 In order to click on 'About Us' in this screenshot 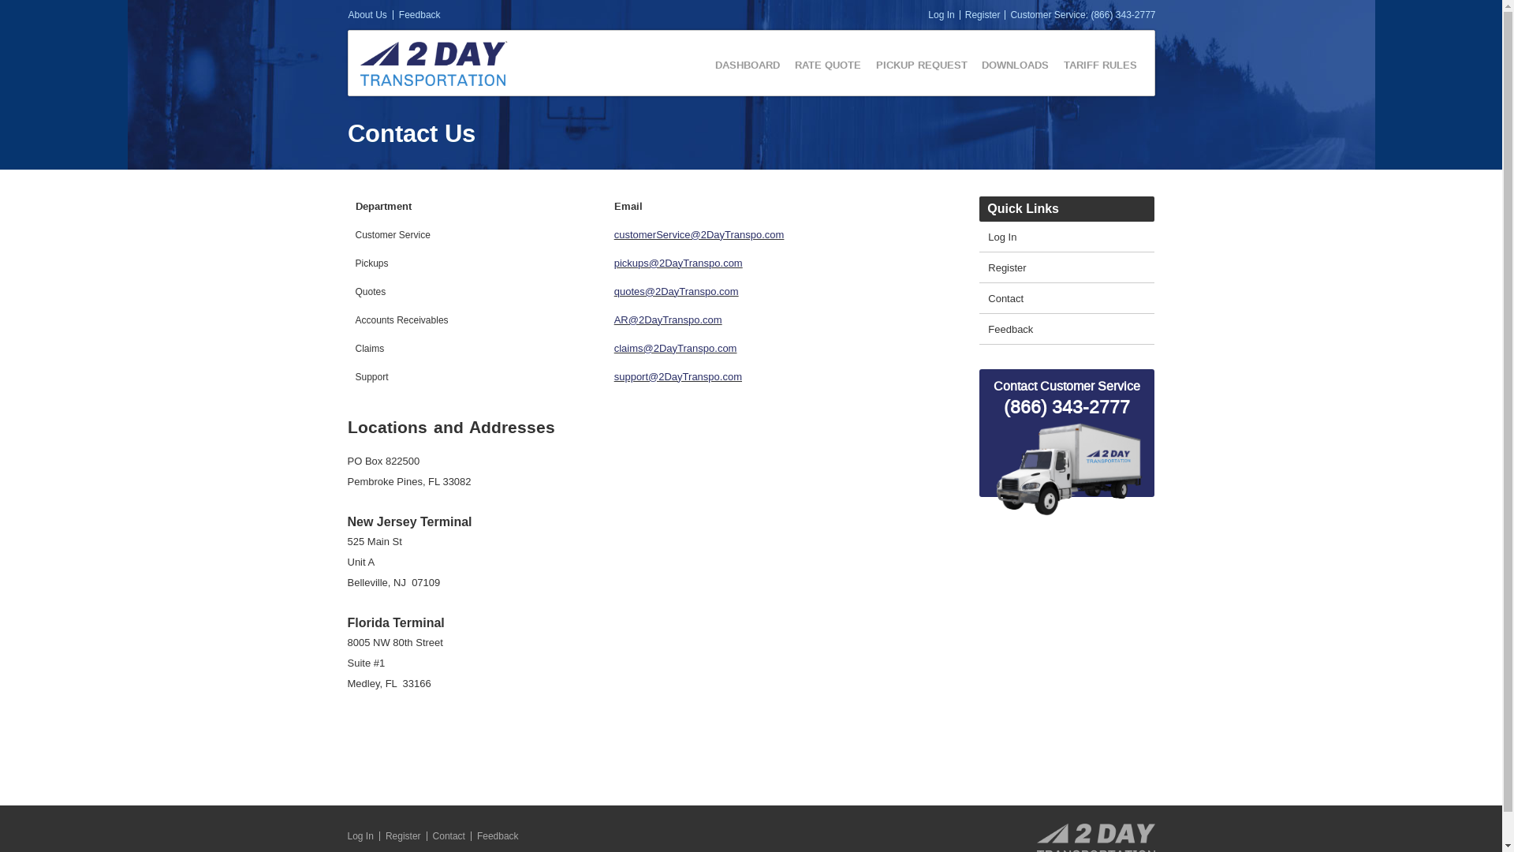, I will do `click(366, 15)`.